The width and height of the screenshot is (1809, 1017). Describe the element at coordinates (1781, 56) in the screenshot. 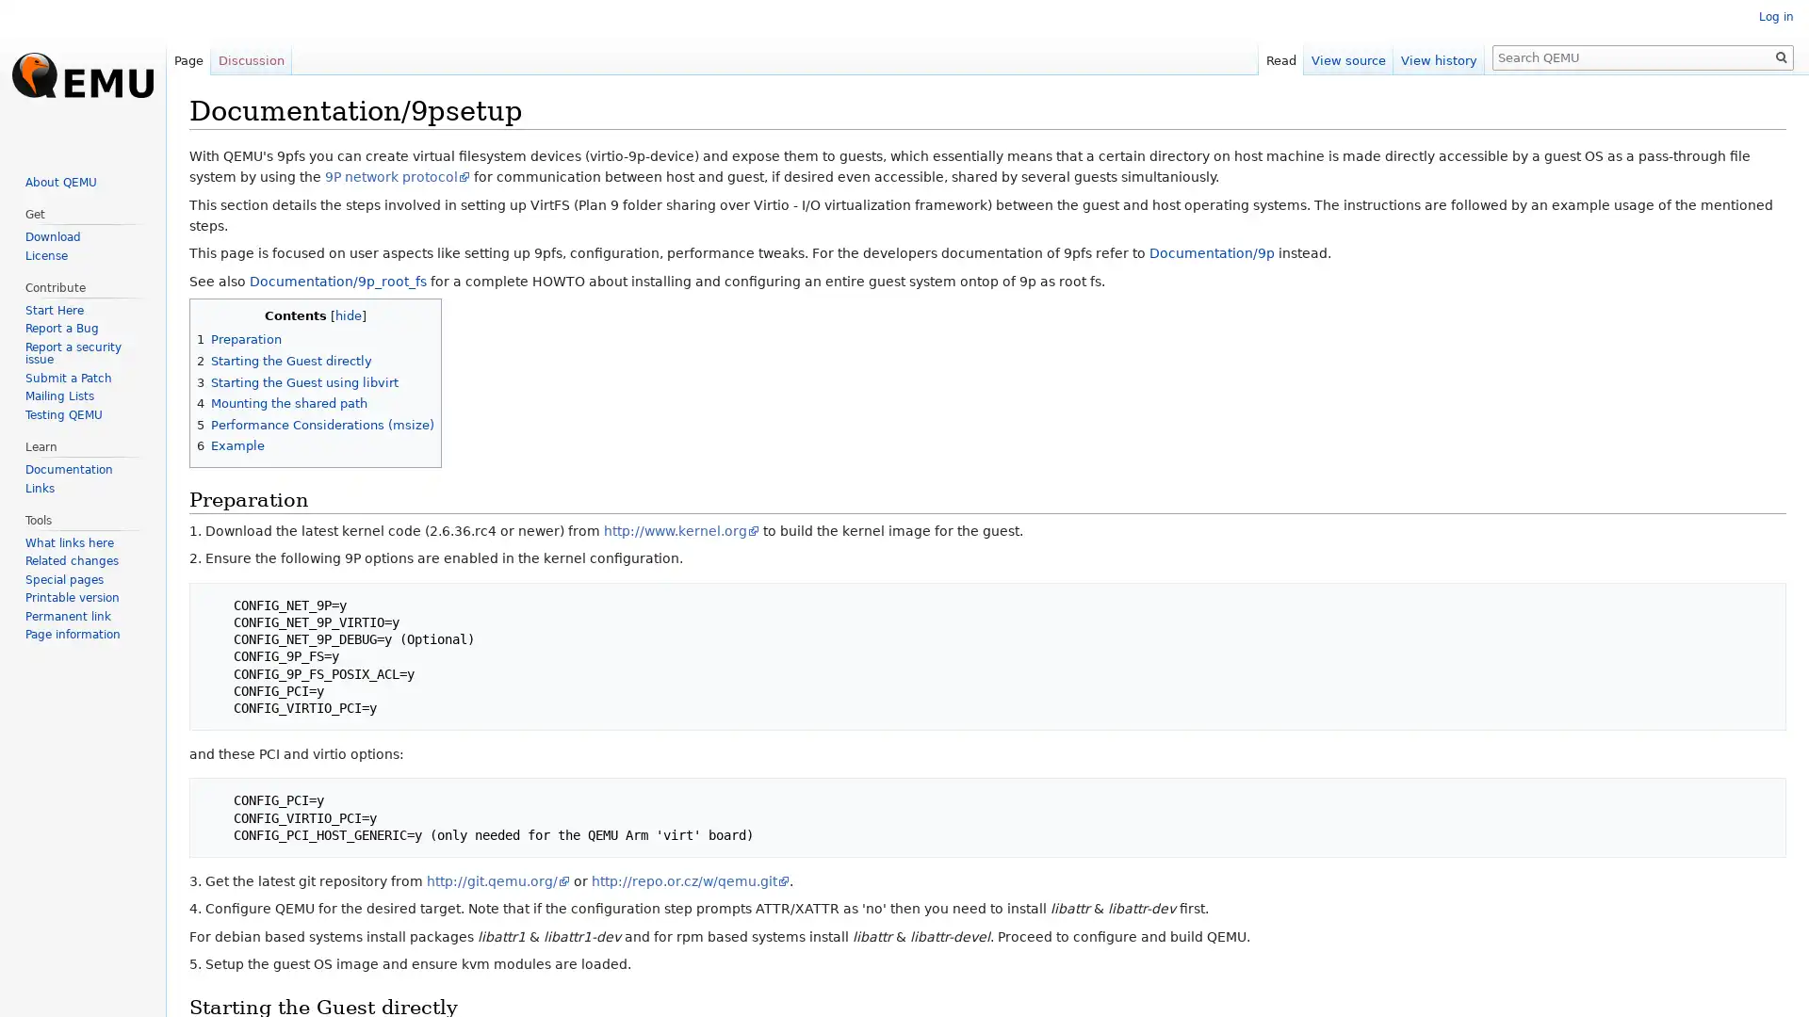

I see `Go` at that location.